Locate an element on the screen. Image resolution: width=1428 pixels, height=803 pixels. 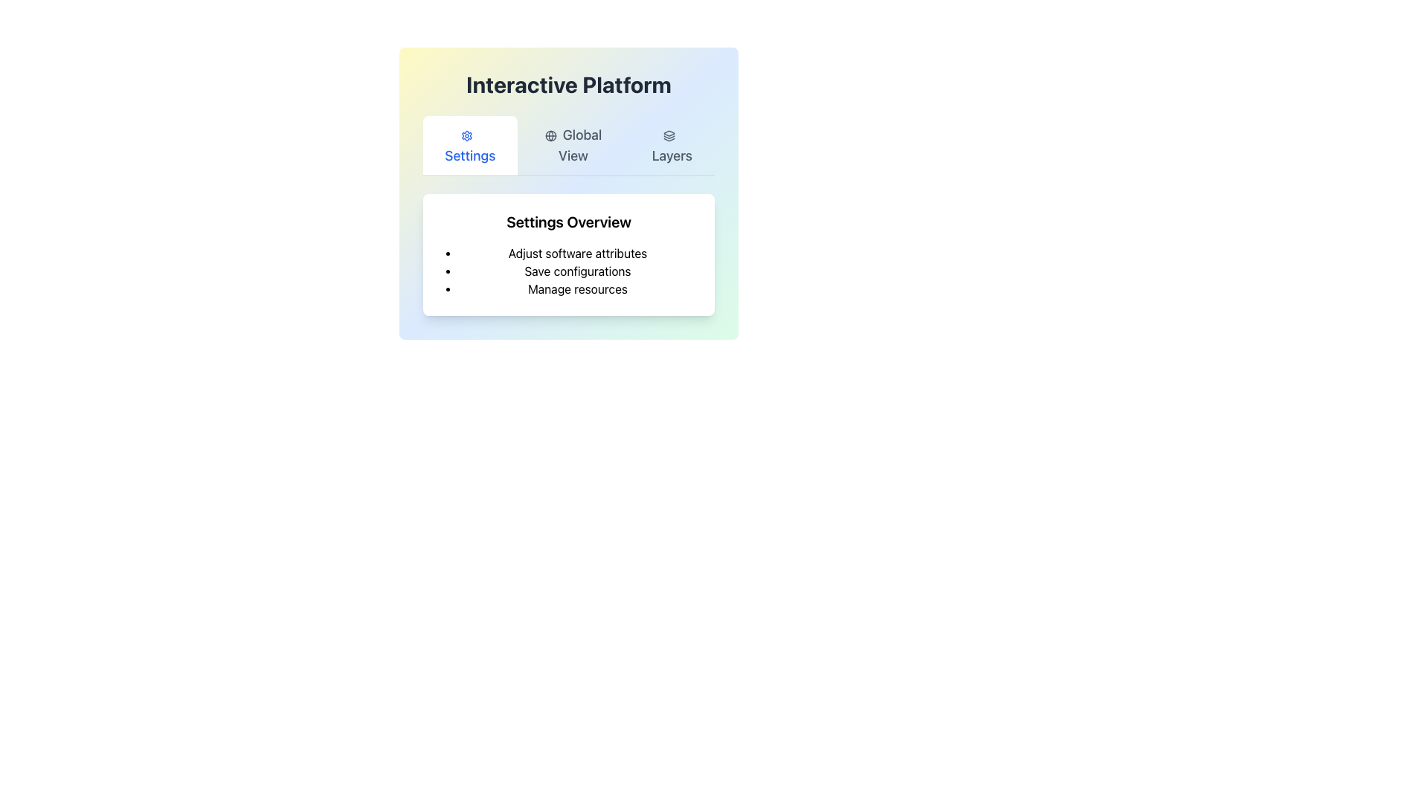
the gear-shaped icon in the 'Settings' section located in the top-left quadrant underneath the title 'Interactive Platform' is located at coordinates (466, 135).